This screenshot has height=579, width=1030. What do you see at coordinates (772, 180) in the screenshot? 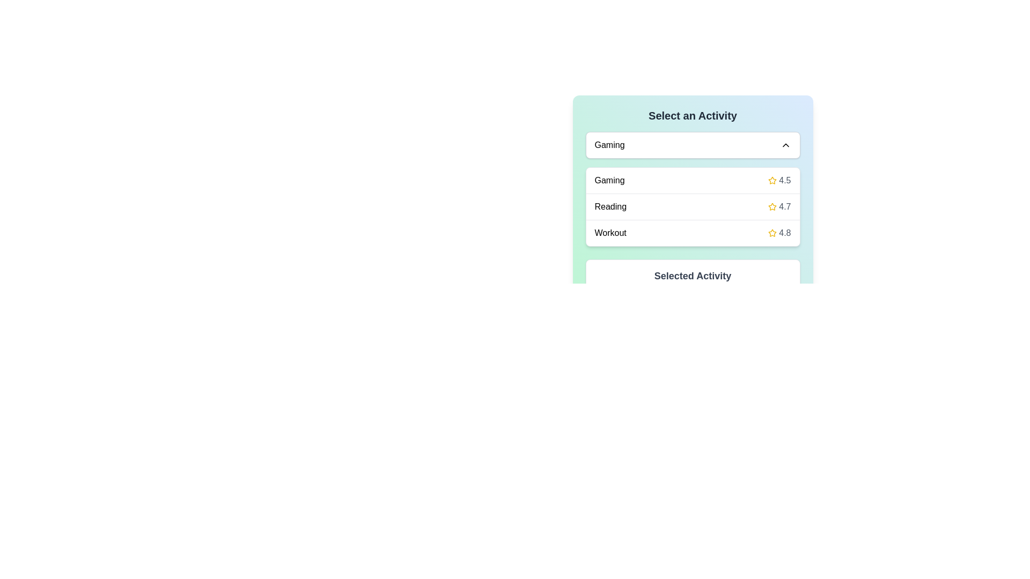
I see `the star icon representing a rating of '4.5' in the dropdown list titled 'Select an Activity', located next to the text 'Gaming'` at bounding box center [772, 180].